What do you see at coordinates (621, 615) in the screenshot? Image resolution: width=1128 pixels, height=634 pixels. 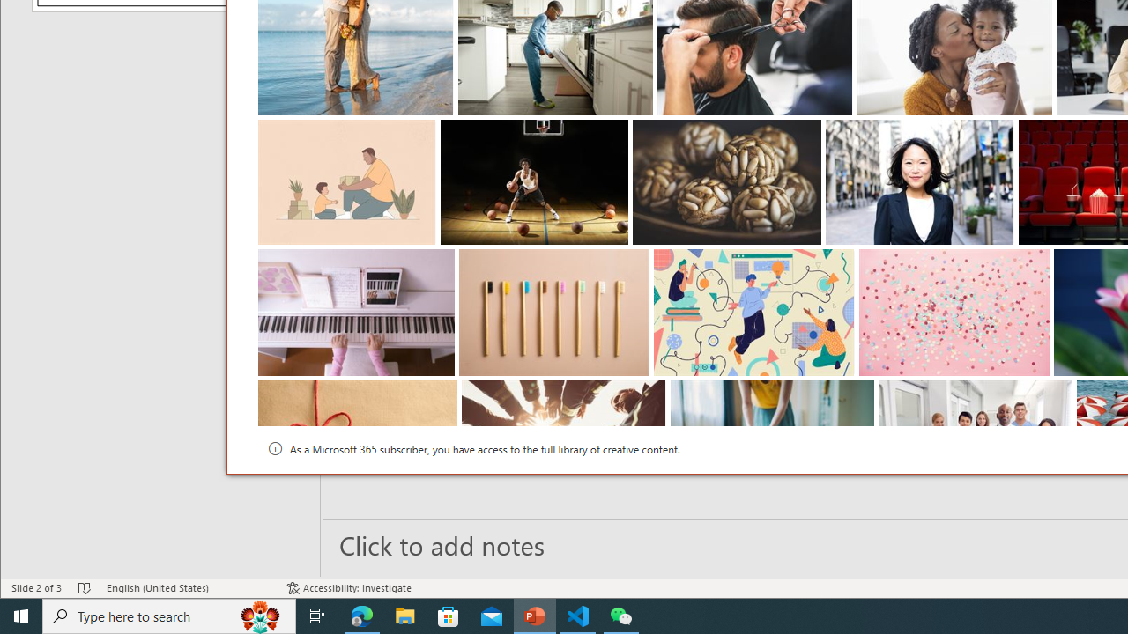 I see `'WeChat - 1 running window'` at bounding box center [621, 615].